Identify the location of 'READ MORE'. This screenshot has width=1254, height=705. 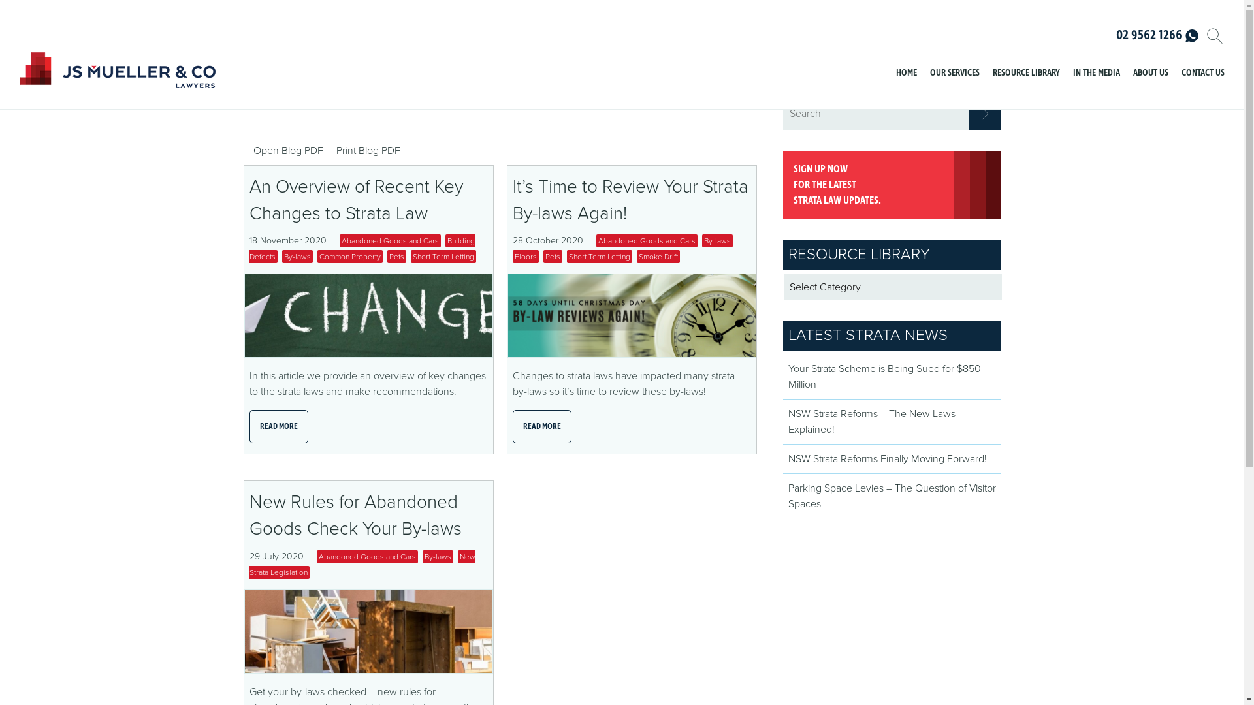
(541, 426).